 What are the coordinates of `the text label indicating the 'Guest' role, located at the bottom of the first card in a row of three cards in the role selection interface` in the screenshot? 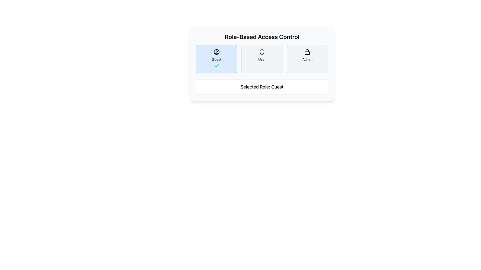 It's located at (216, 59).